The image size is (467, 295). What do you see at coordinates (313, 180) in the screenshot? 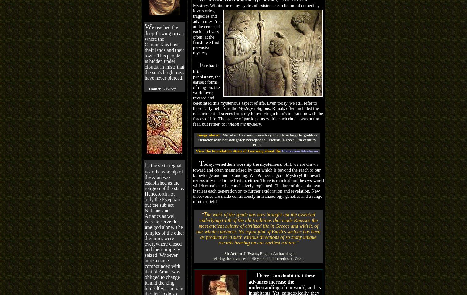
I see `'world'` at bounding box center [313, 180].